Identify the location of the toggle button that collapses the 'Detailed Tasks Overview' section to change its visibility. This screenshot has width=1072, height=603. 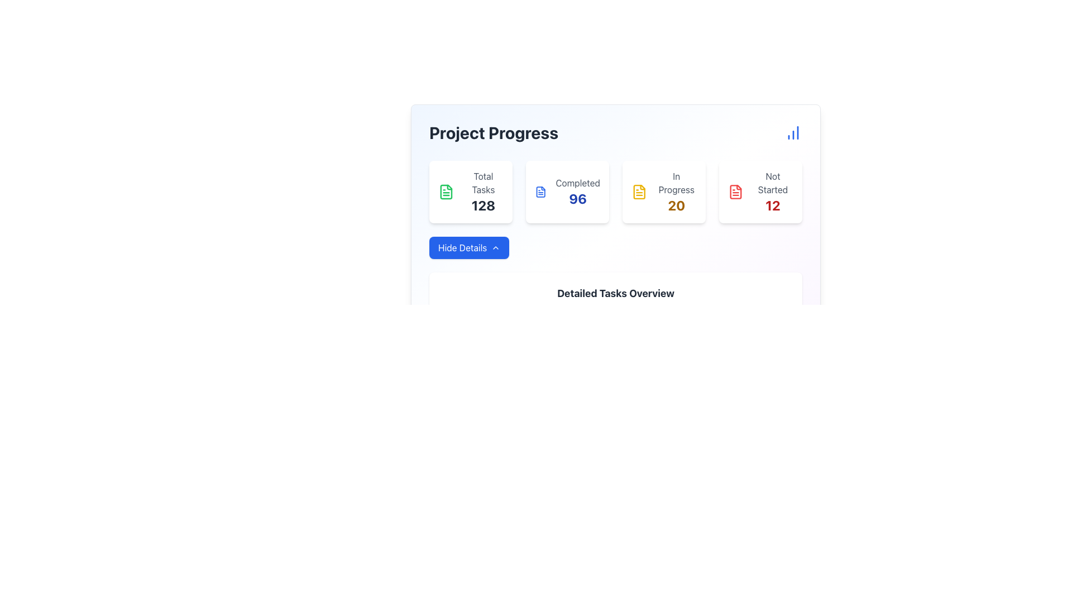
(469, 247).